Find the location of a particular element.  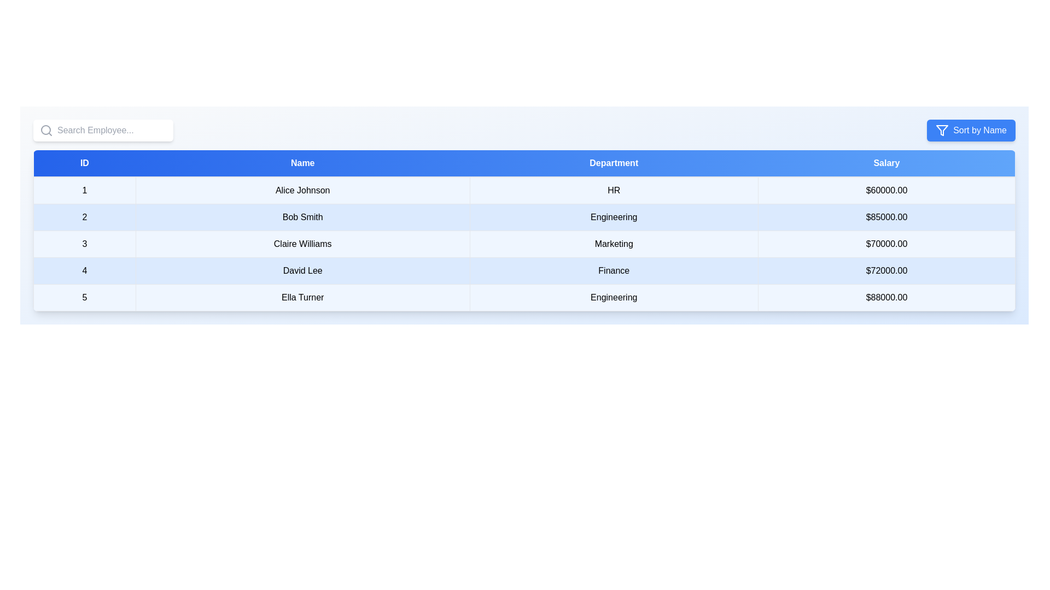

the table cell representing the department name of 'Alice Johnson' is located at coordinates (614, 190).